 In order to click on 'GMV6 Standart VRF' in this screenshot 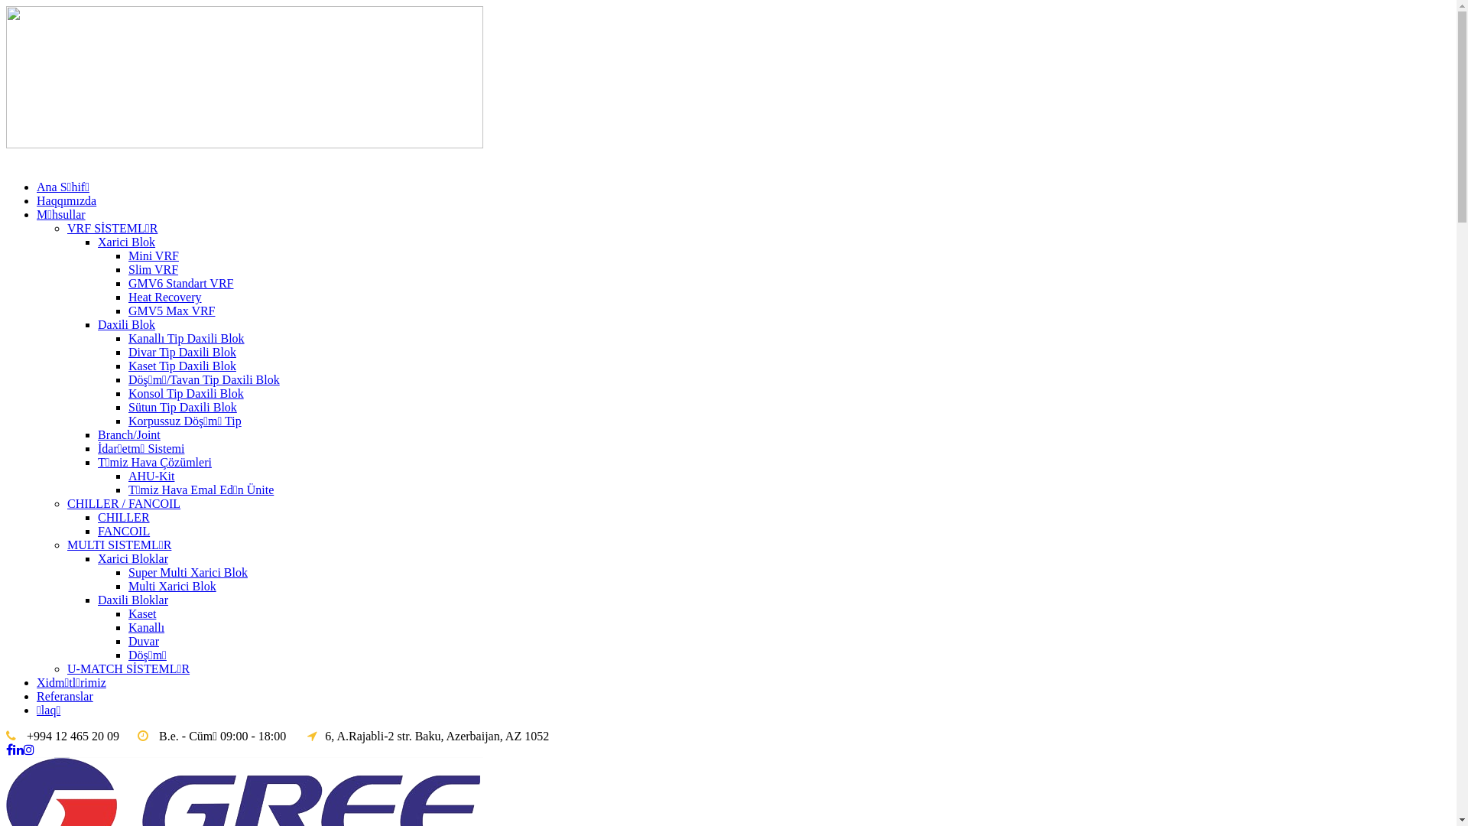, I will do `click(180, 283)`.